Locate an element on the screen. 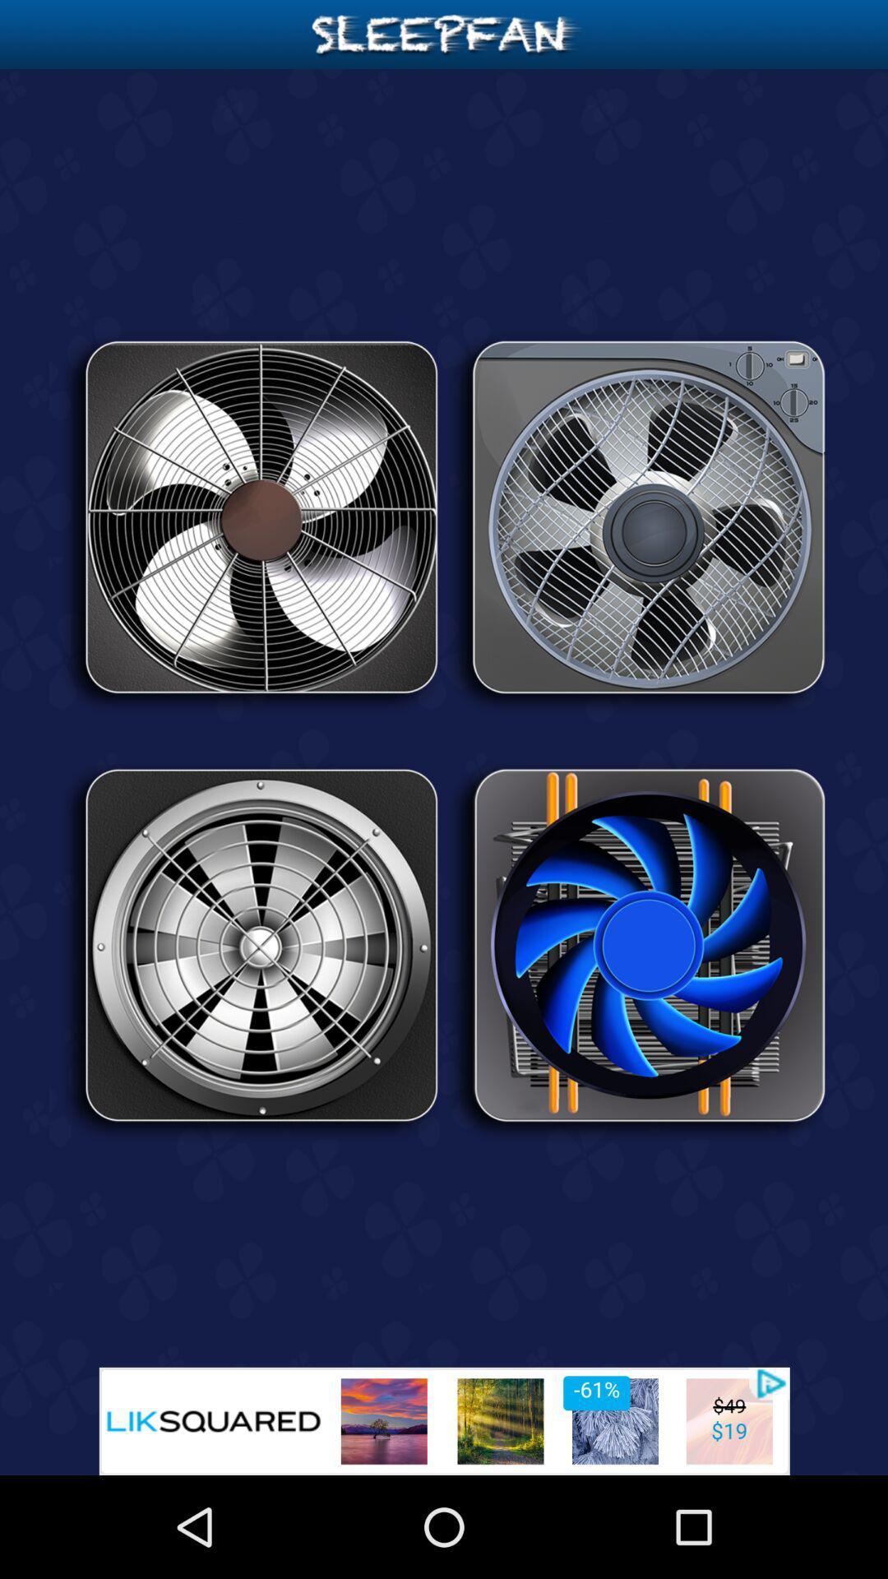  turn on fan is located at coordinates (250, 522).